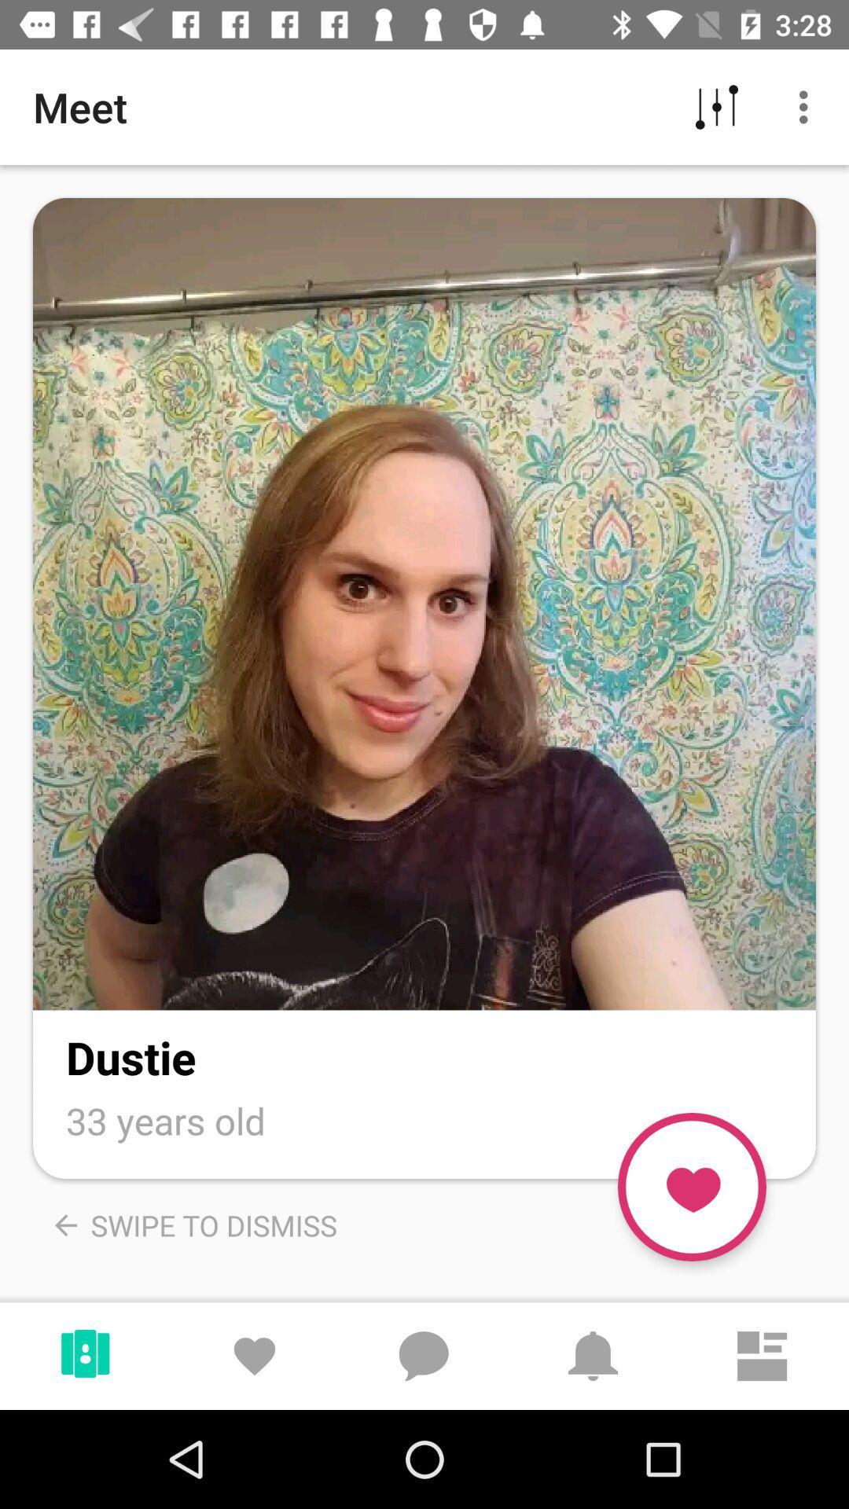 The image size is (849, 1509). What do you see at coordinates (166, 1120) in the screenshot?
I see `icon below dustie` at bounding box center [166, 1120].